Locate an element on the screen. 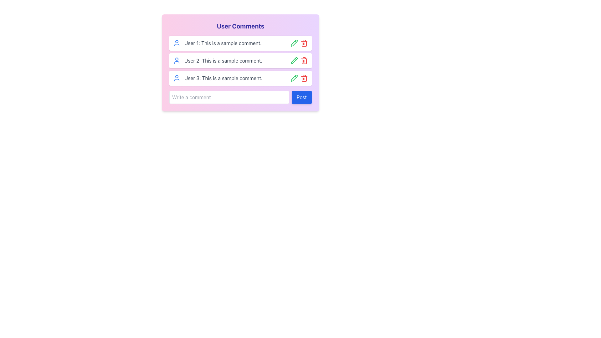  the edit icon located at the right end of the second row of user comments is located at coordinates (294, 43).